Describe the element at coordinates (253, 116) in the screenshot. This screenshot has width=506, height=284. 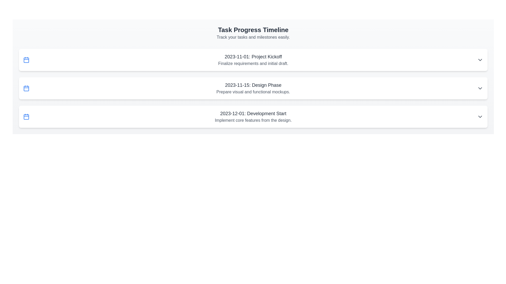
I see `on the timeline item element titled '2023-12-01: Development Start'` at that location.